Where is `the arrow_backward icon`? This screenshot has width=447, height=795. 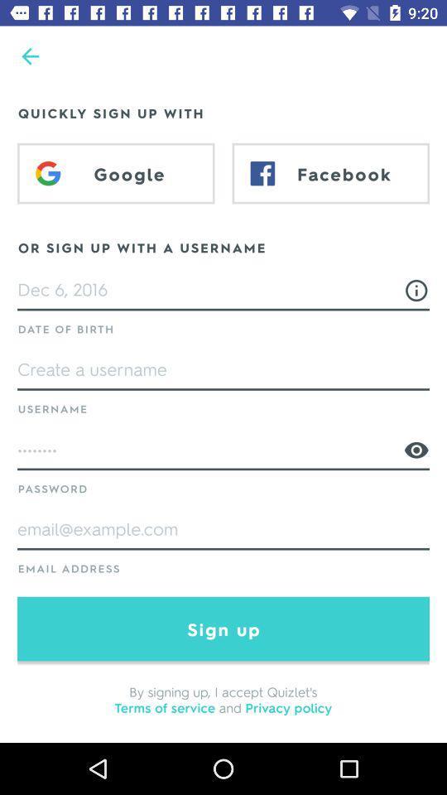
the arrow_backward icon is located at coordinates (30, 56).